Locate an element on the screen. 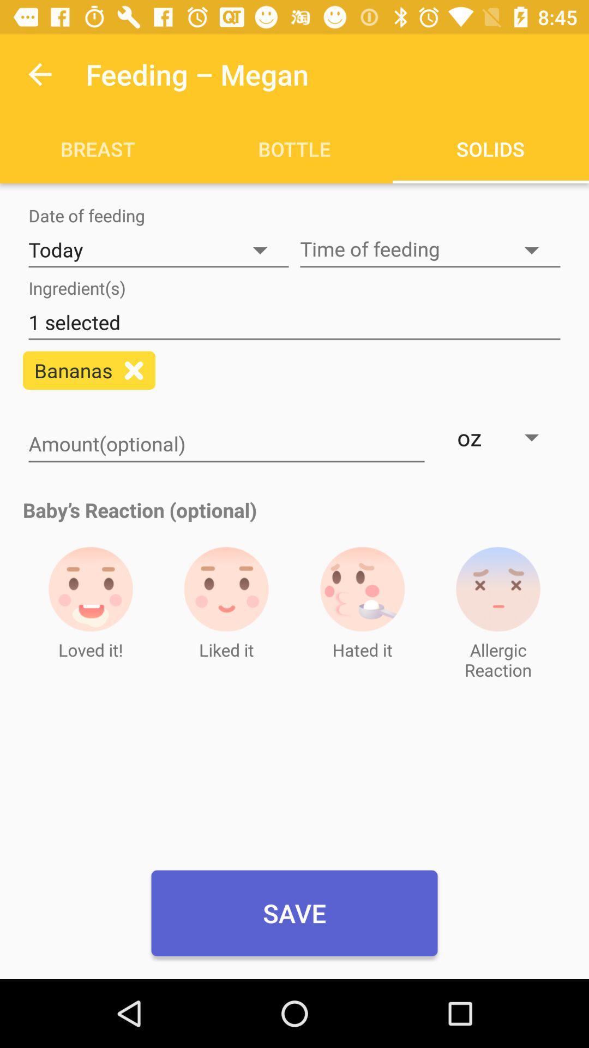  feeding time is located at coordinates (430, 249).